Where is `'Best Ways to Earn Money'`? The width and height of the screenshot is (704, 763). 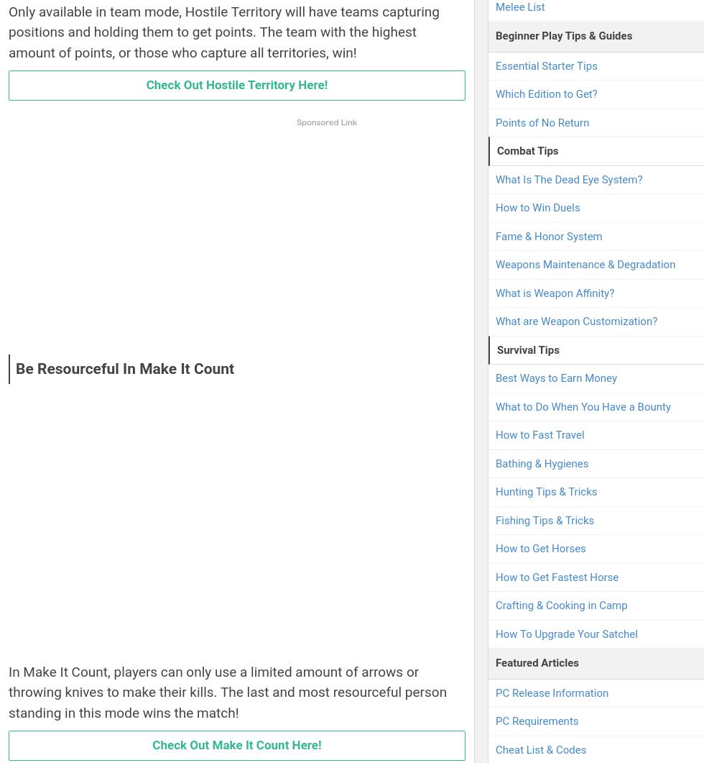
'Best Ways to Earn Money' is located at coordinates (556, 378).